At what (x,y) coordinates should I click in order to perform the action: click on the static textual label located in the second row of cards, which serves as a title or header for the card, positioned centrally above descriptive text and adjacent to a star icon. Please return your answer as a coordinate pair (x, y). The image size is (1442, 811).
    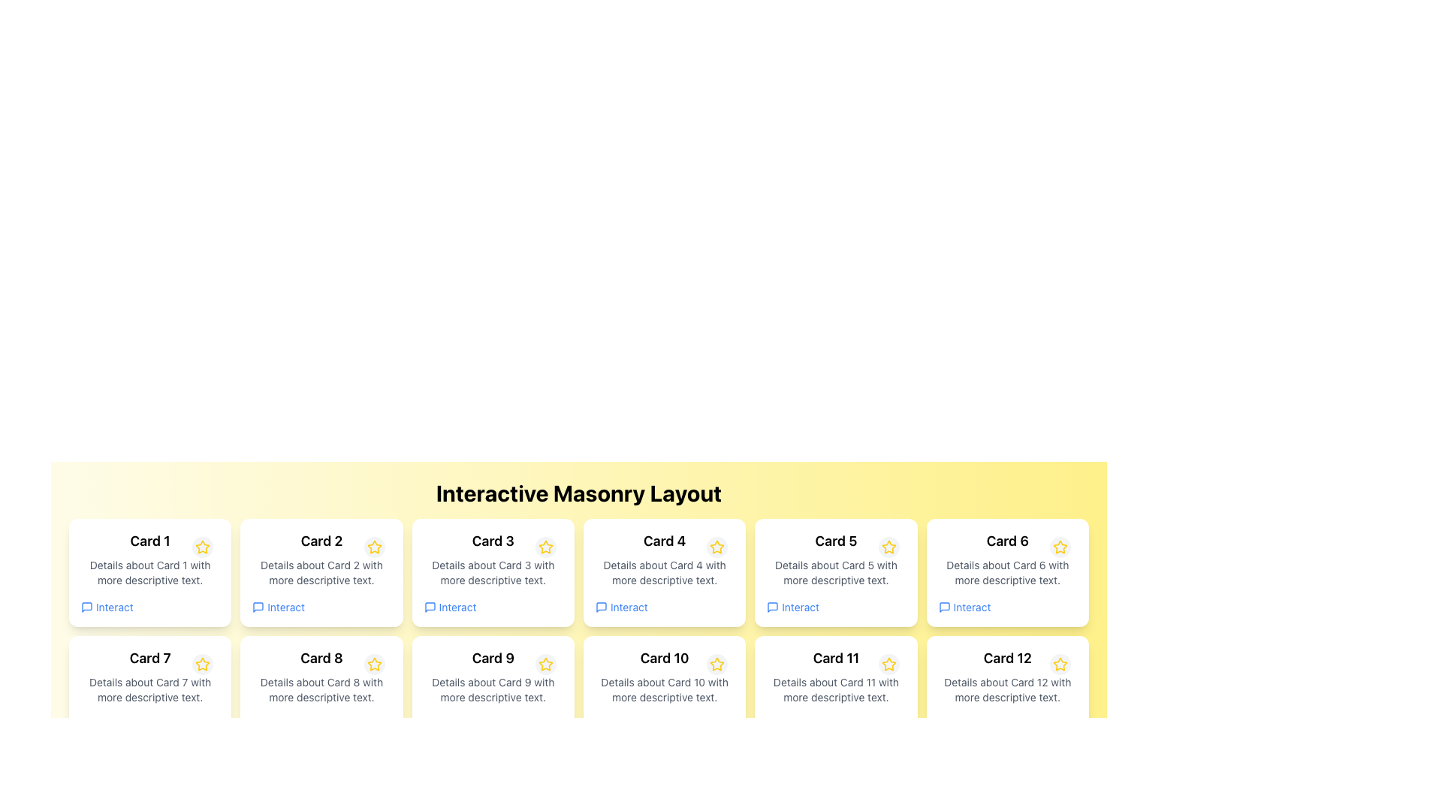
    Looking at the image, I should click on (321, 657).